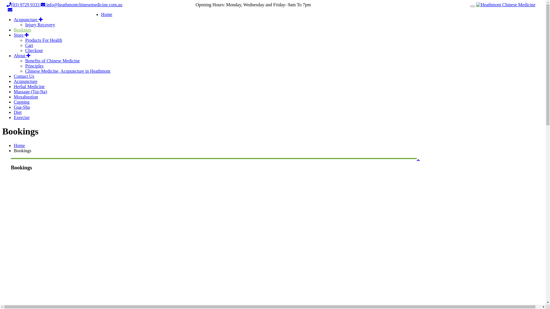 This screenshot has height=309, width=550. Describe the element at coordinates (18, 112) in the screenshot. I see `'Diet'` at that location.